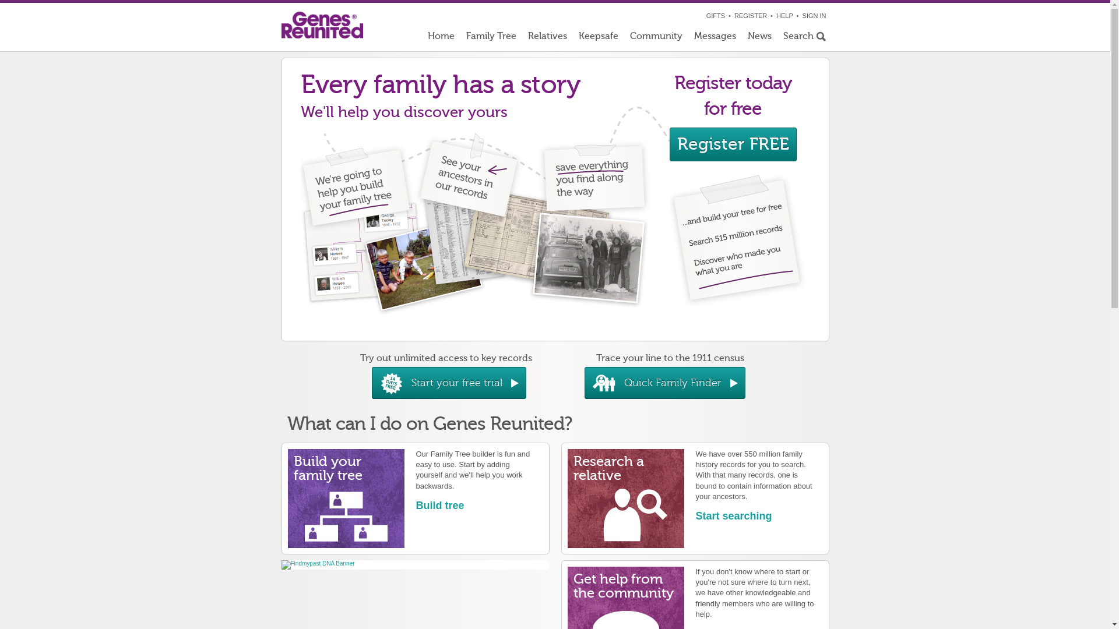  Describe the element at coordinates (784, 16) in the screenshot. I see `'HELP'` at that location.